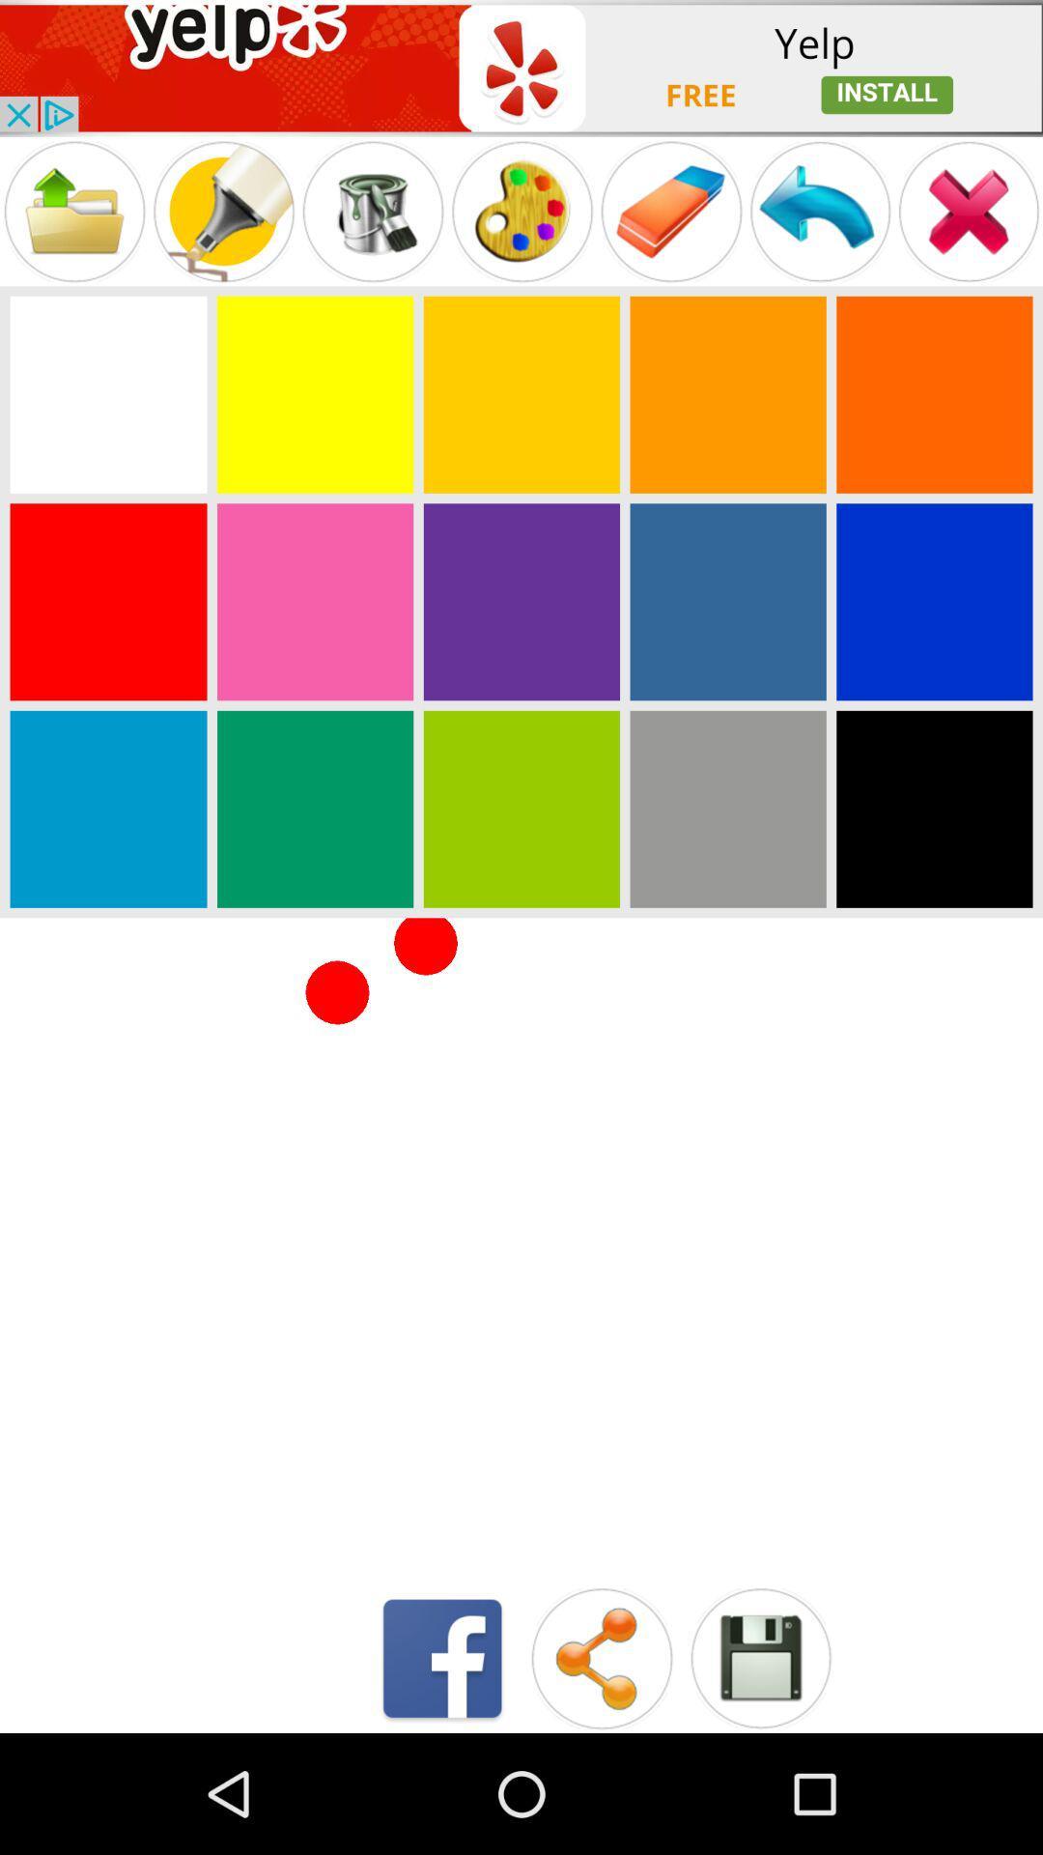  Describe the element at coordinates (373, 212) in the screenshot. I see `pen tool` at that location.